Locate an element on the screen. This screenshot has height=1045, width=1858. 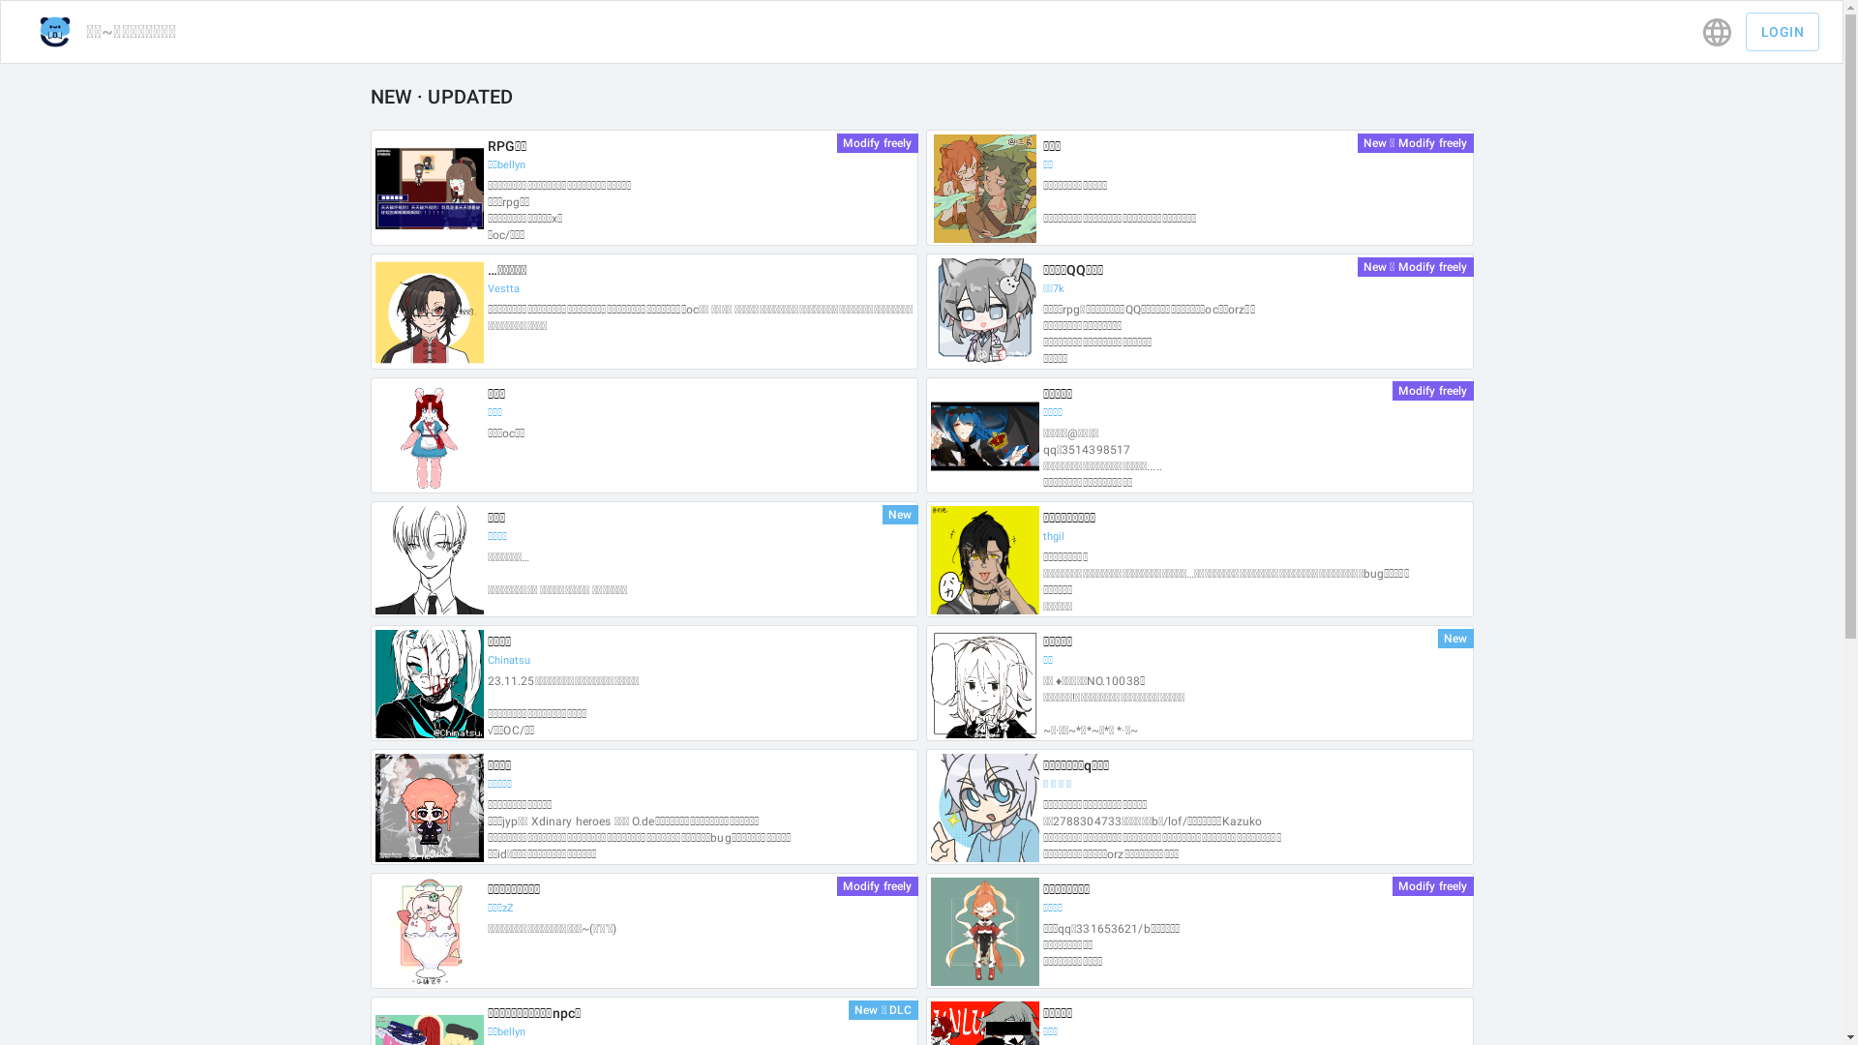
'LOGIN' is located at coordinates (1782, 32).